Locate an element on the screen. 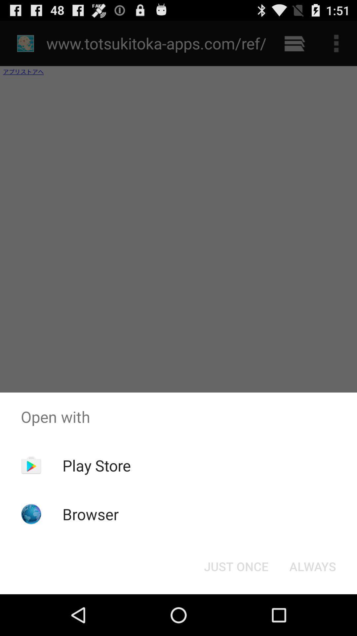 This screenshot has width=357, height=636. the icon to the left of the always is located at coordinates (236, 566).